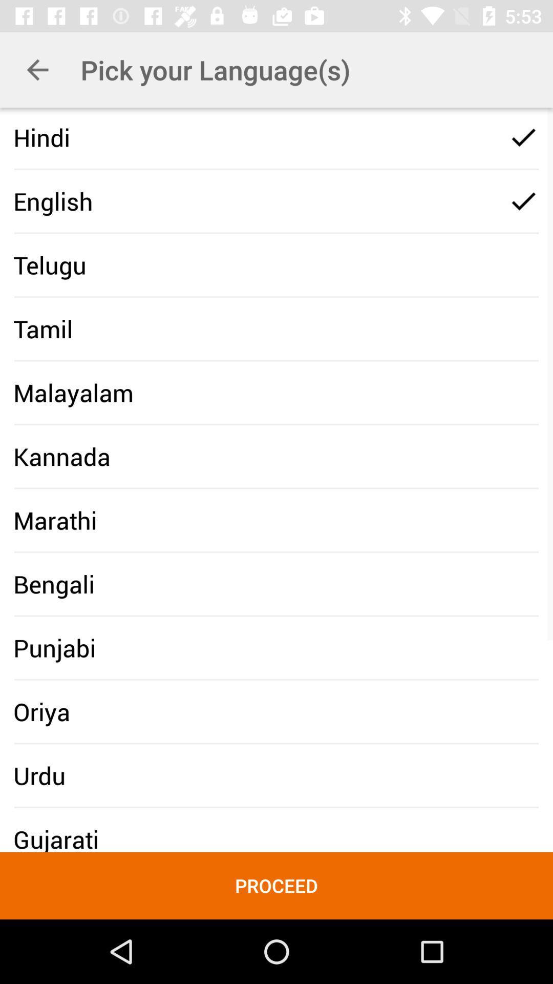 Image resolution: width=553 pixels, height=984 pixels. Describe the element at coordinates (54, 584) in the screenshot. I see `the icon below marathi icon` at that location.